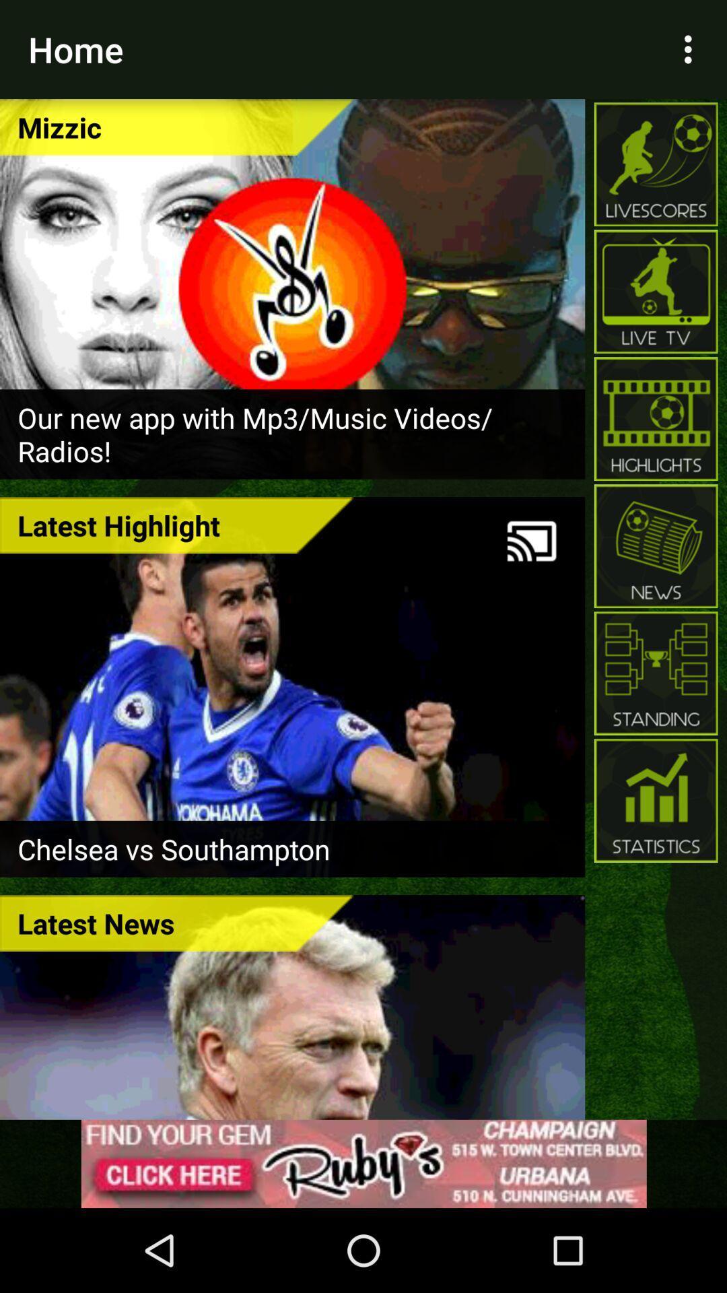 The height and width of the screenshot is (1293, 727). Describe the element at coordinates (176, 524) in the screenshot. I see `latest highlight` at that location.